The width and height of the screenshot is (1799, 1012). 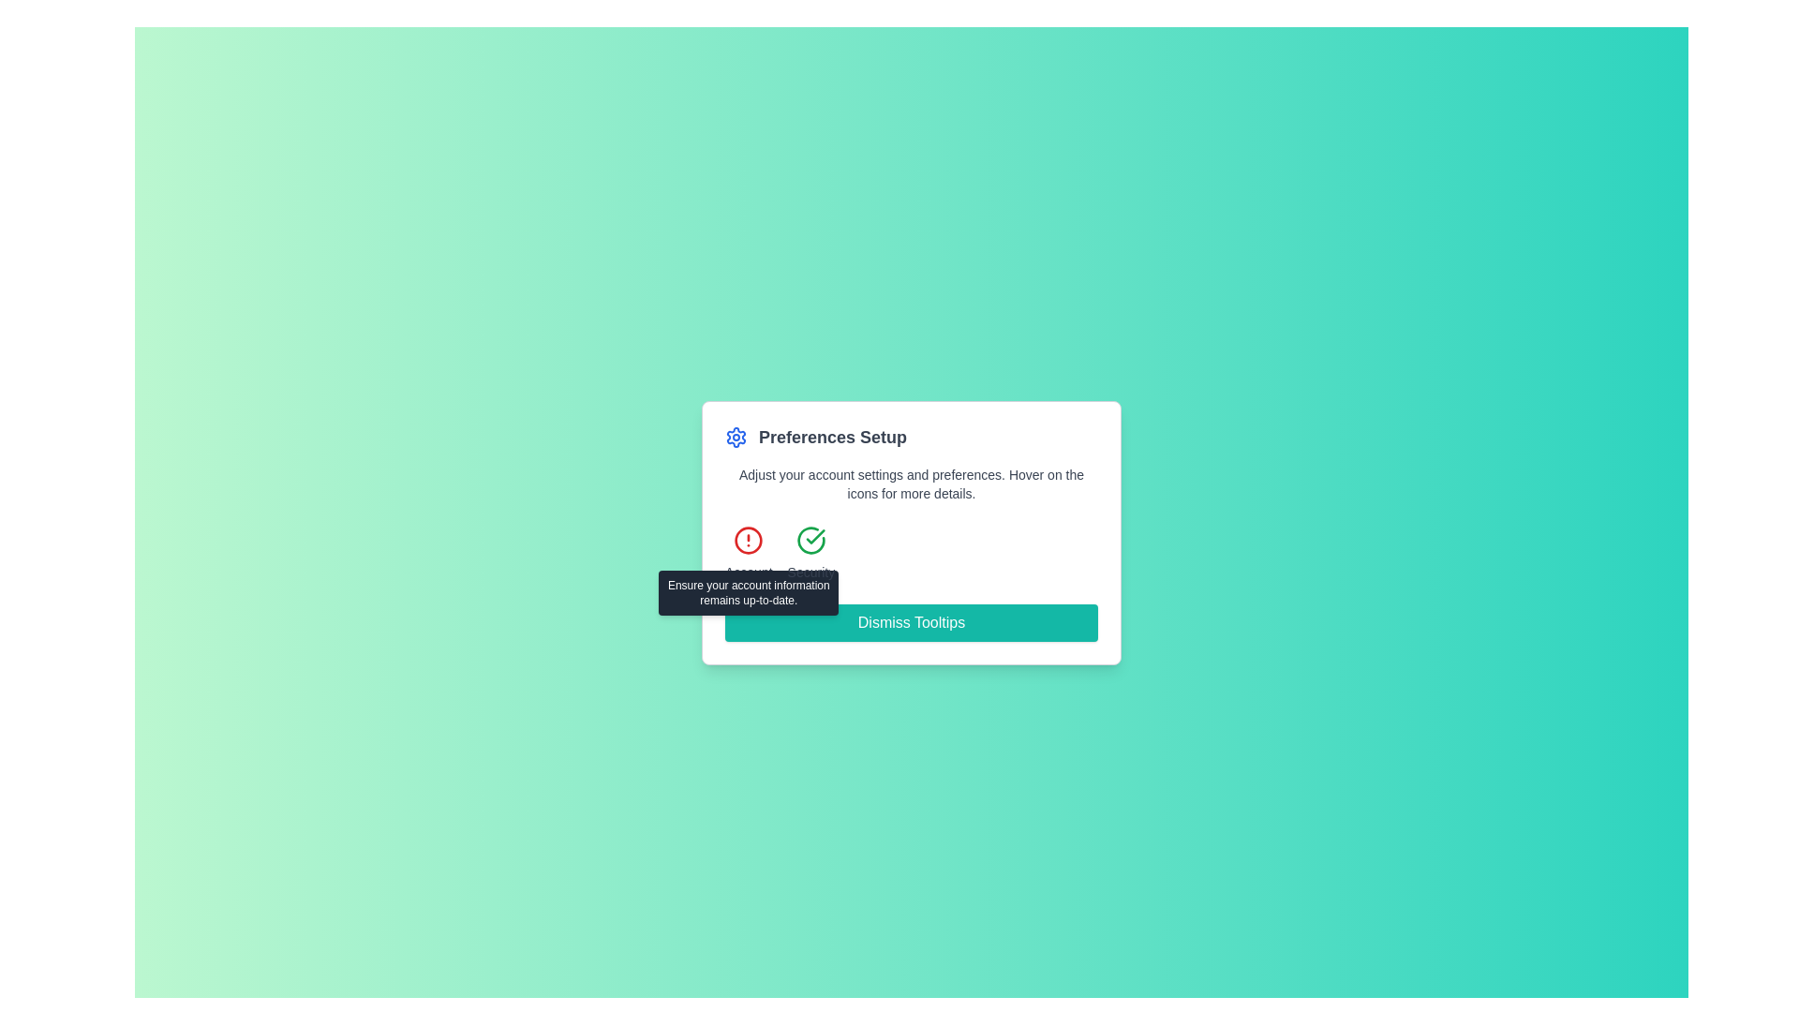 What do you see at coordinates (748, 571) in the screenshot?
I see `the text label displaying the word 'Account.' which is styled in a small and bold font, located below an icon within a settings modal` at bounding box center [748, 571].